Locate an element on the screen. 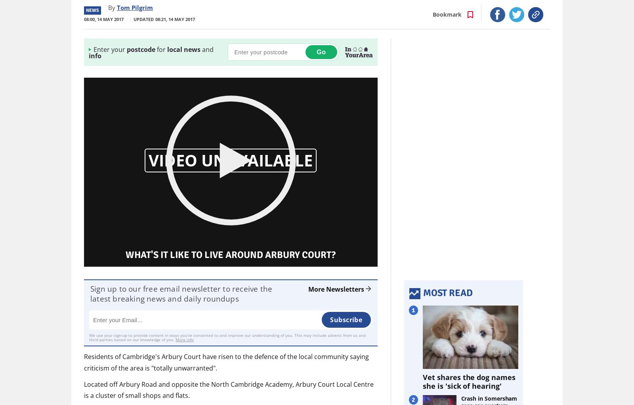 This screenshot has width=634, height=405. 'Sign up to our free email newsletter to receive the latest breaking news and daily roundups' is located at coordinates (181, 293).